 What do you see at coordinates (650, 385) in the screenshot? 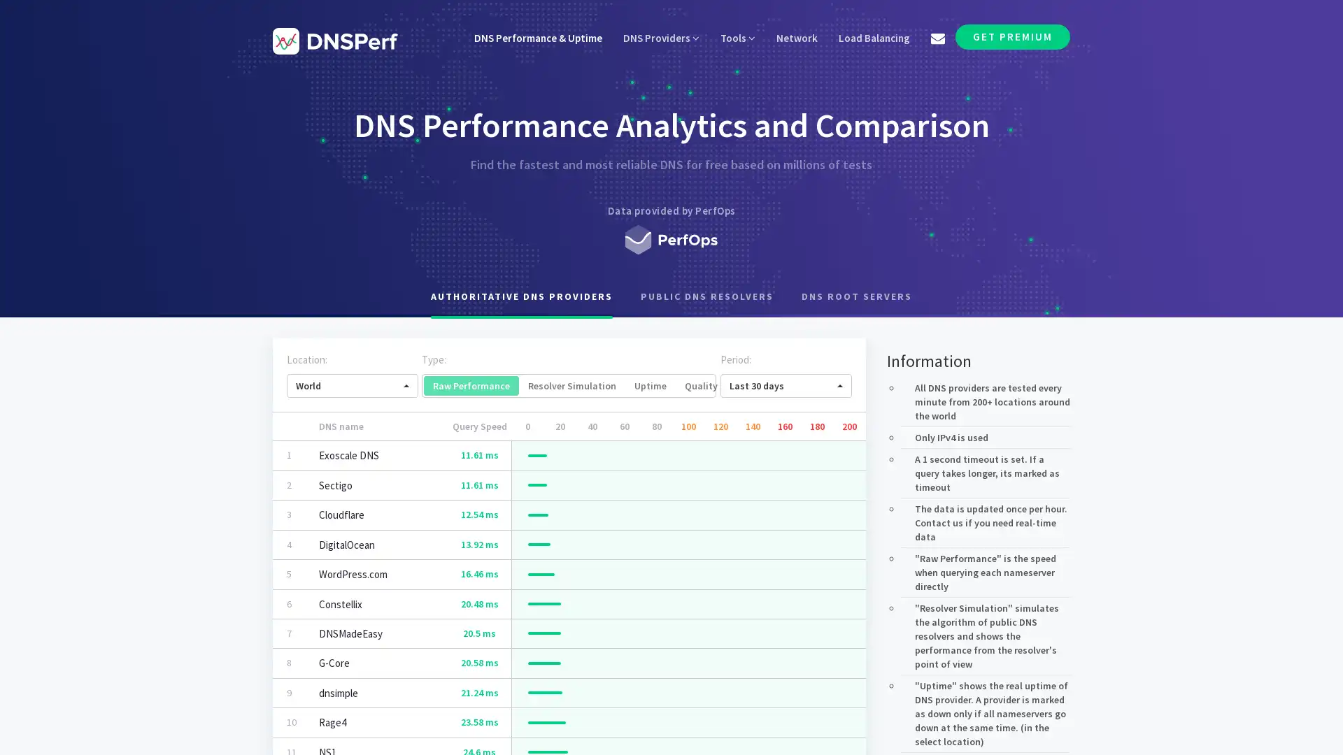
I see `Uptime` at bounding box center [650, 385].